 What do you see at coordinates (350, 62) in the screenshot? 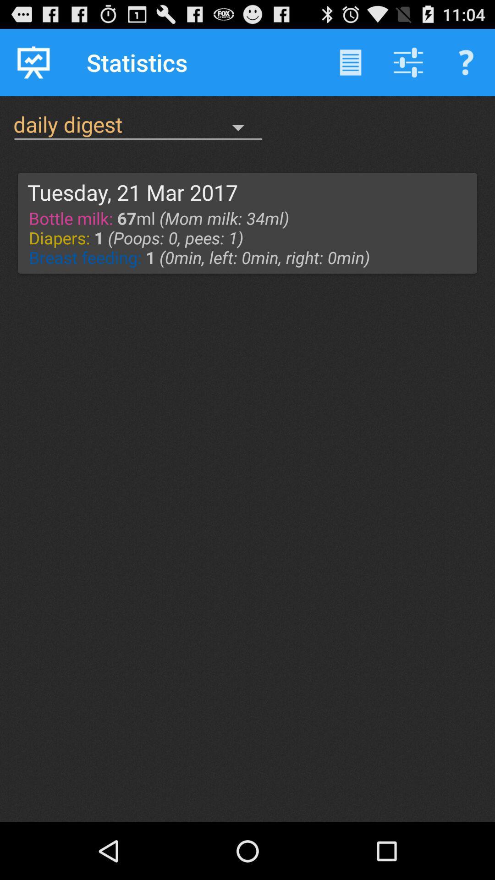
I see `icon to the right of statistics icon` at bounding box center [350, 62].